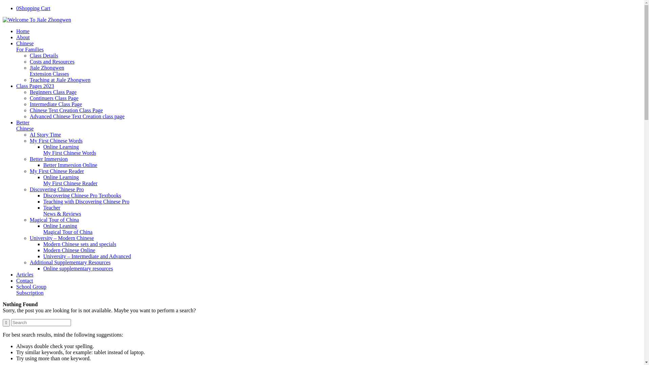 This screenshot has height=365, width=649. I want to click on 'Jiale Zhongwen, so click(49, 71).